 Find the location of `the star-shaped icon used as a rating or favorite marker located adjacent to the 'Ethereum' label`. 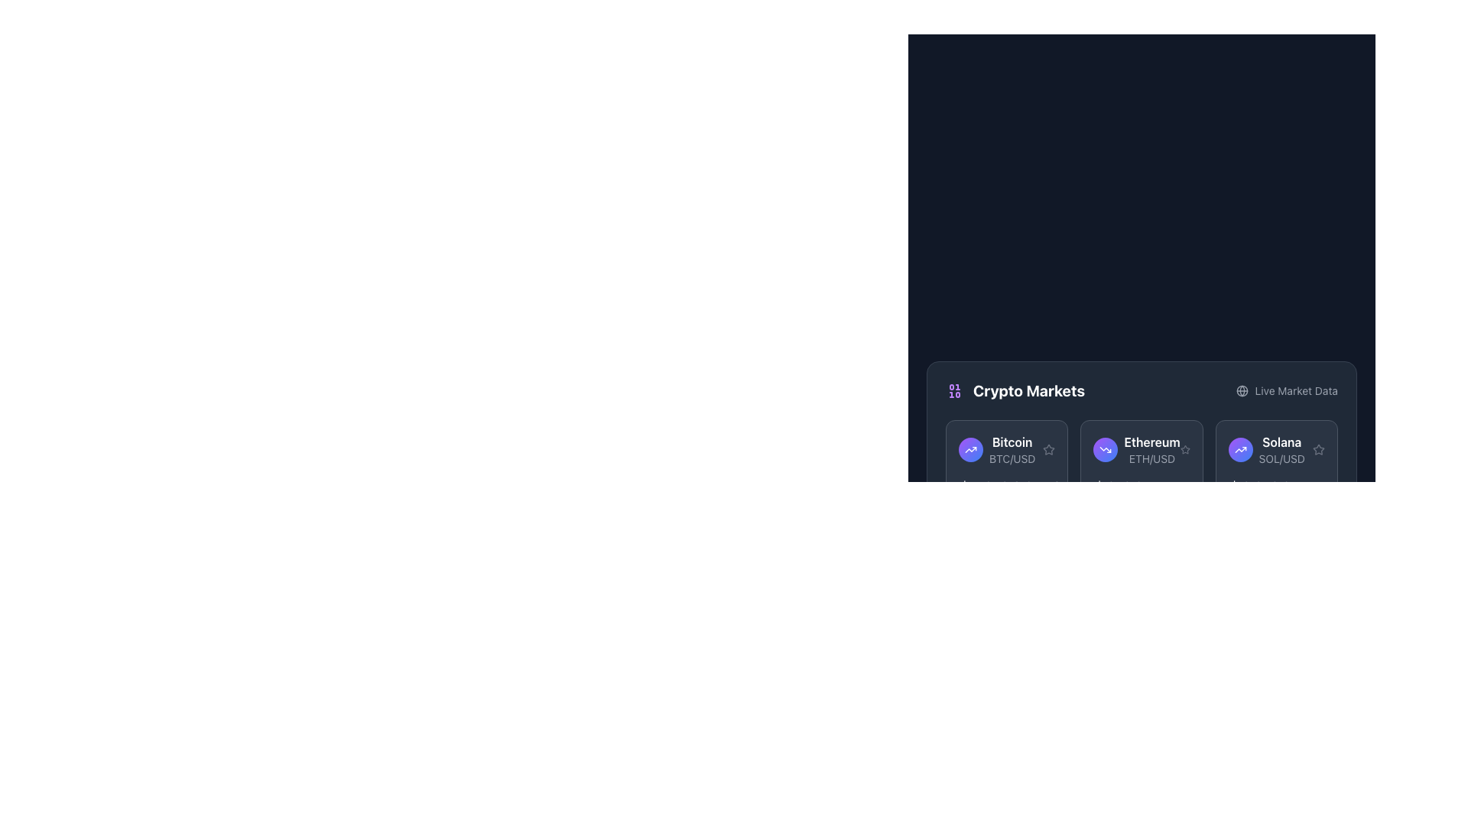

the star-shaped icon used as a rating or favorite marker located adjacent to the 'Ethereum' label is located at coordinates (1184, 448).